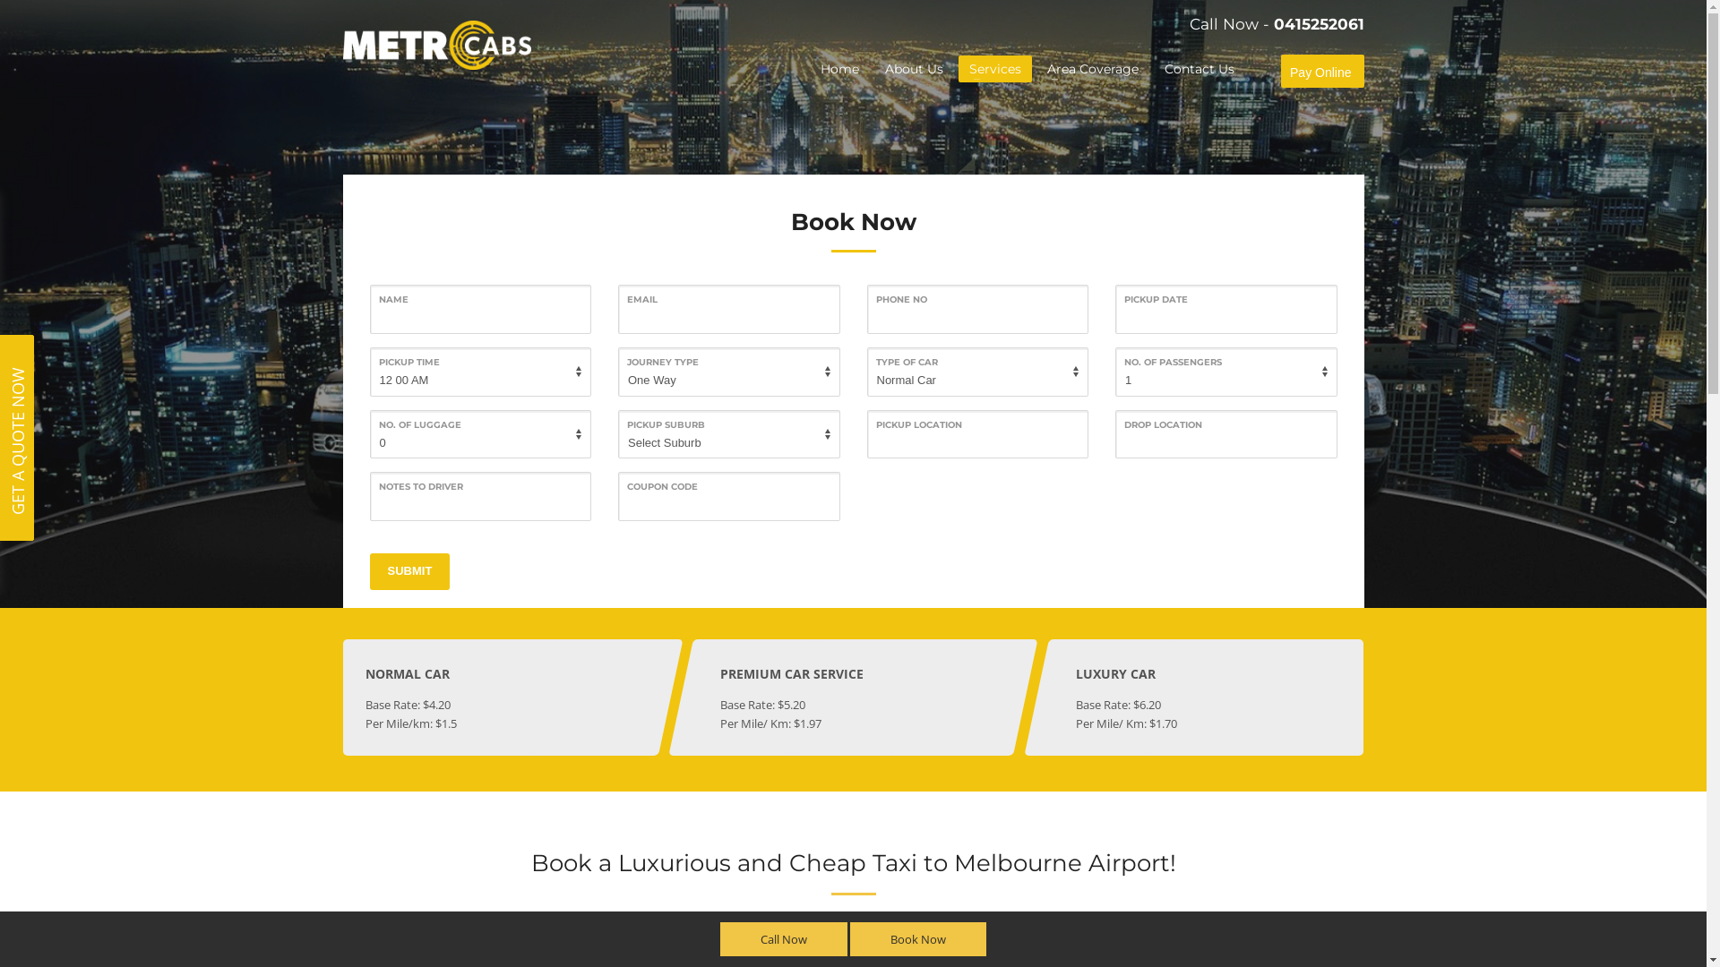 The height and width of the screenshot is (967, 1720). I want to click on 'Call Now', so click(783, 938).